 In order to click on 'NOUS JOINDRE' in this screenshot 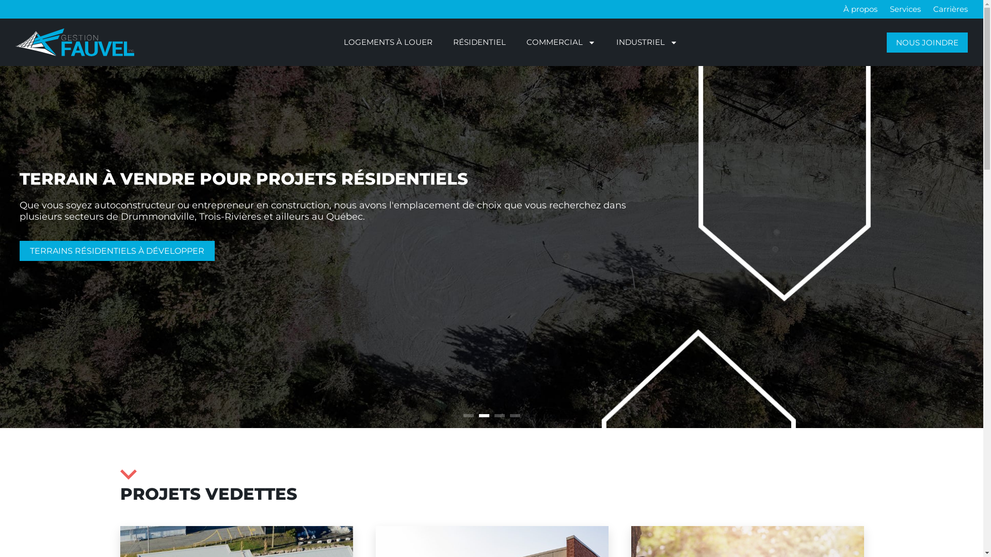, I will do `click(927, 41)`.